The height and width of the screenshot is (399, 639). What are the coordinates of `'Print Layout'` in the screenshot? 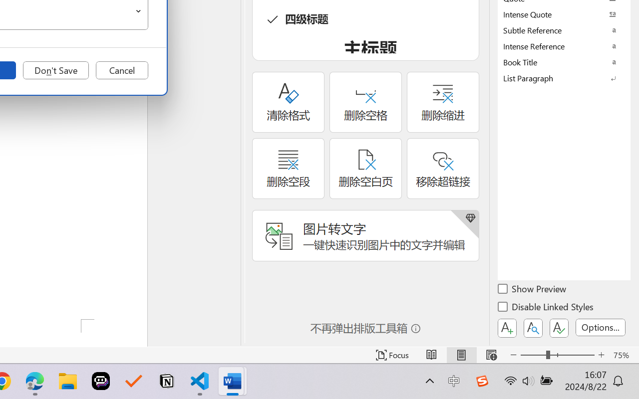 It's located at (461, 355).